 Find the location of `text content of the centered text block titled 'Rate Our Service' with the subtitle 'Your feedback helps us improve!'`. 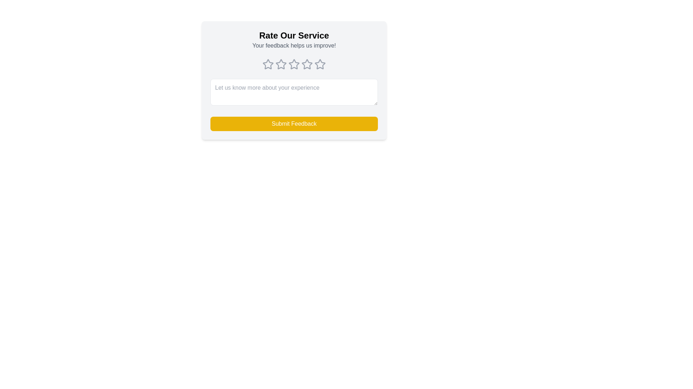

text content of the centered text block titled 'Rate Our Service' with the subtitle 'Your feedback helps us improve!' is located at coordinates (294, 40).